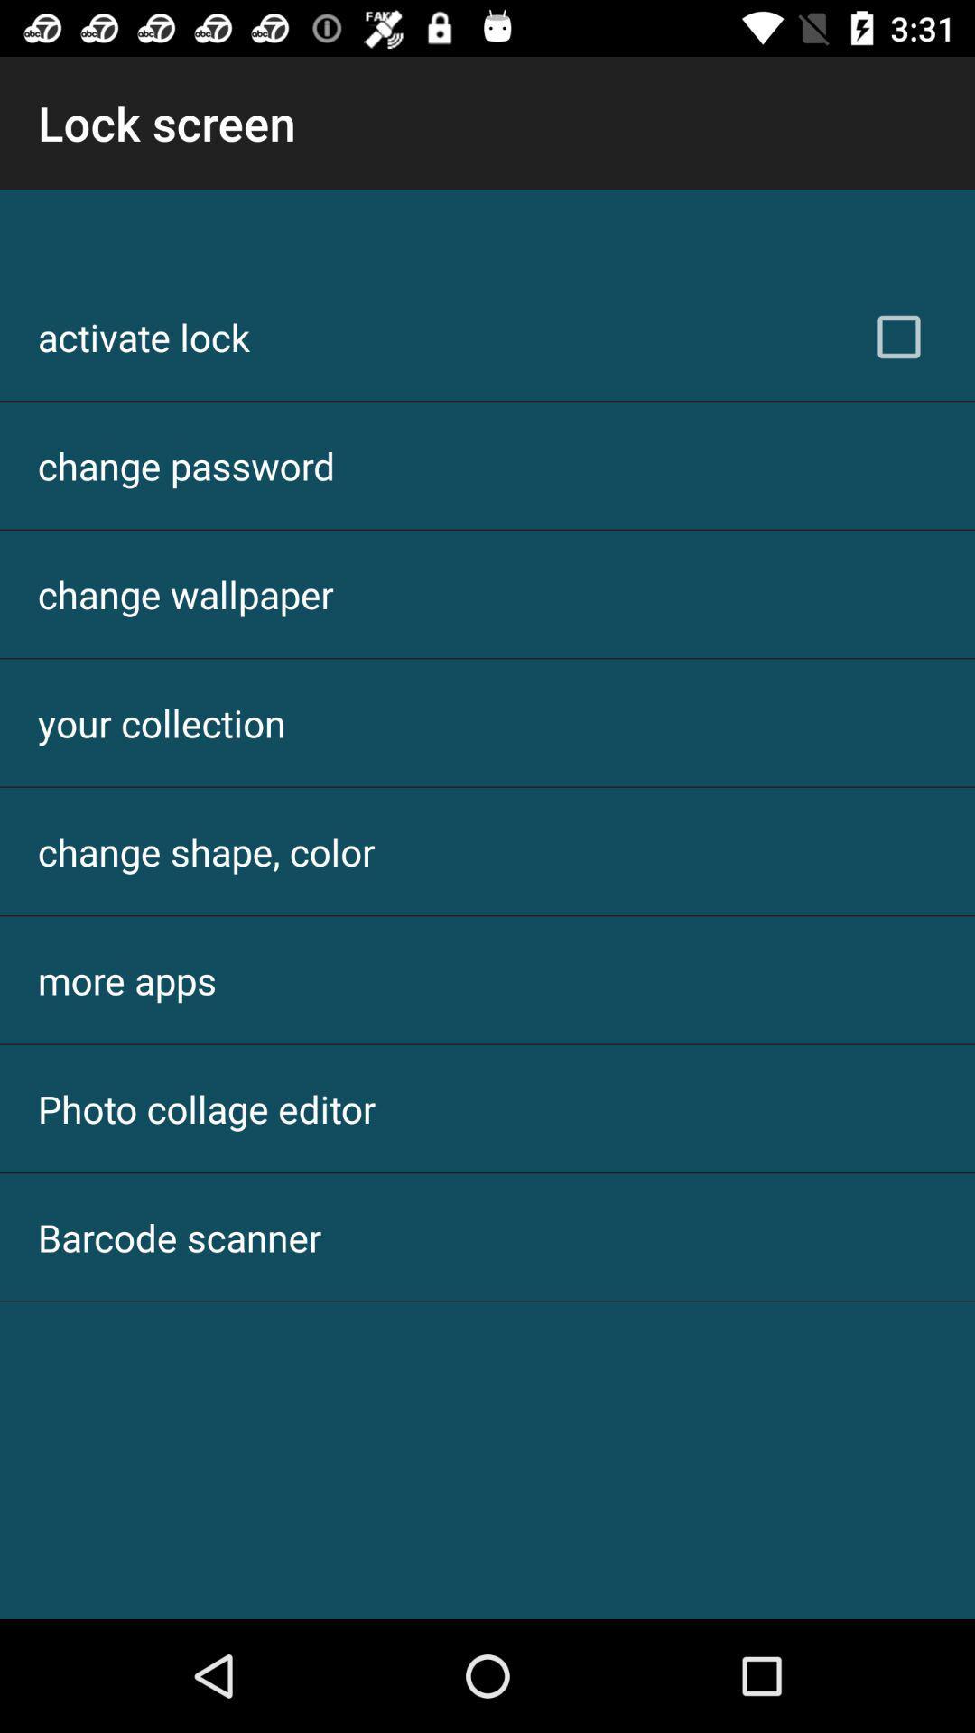 The image size is (975, 1733). Describe the element at coordinates (180, 1237) in the screenshot. I see `the app at the bottom left corner` at that location.